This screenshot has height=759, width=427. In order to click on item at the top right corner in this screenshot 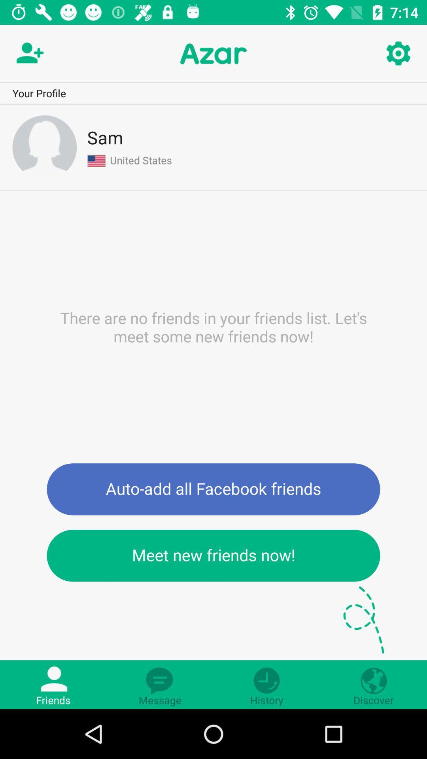, I will do `click(398, 53)`.